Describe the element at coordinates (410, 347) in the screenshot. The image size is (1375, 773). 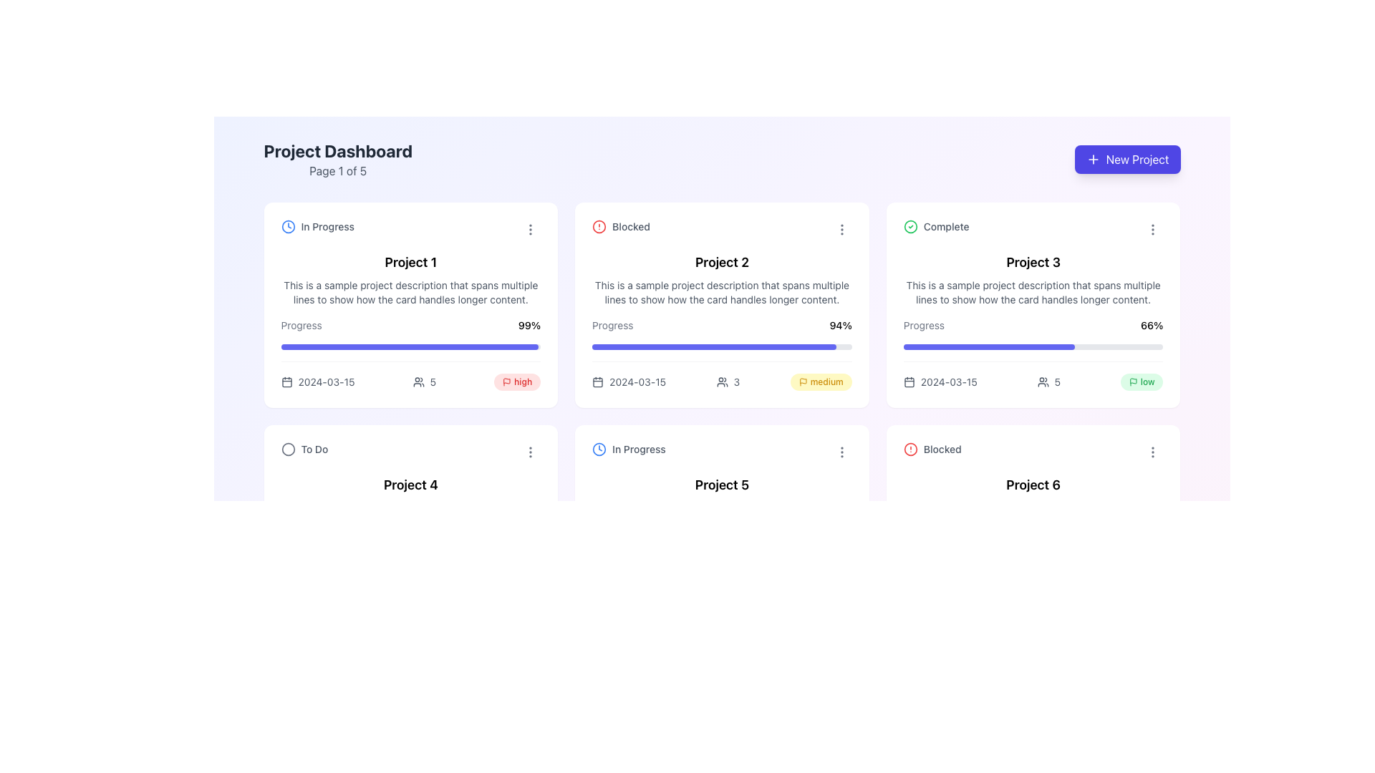
I see `the horizontal progress bar indicating 99% completion for 'Project 1', located below the text 'Progress 99%'` at that location.